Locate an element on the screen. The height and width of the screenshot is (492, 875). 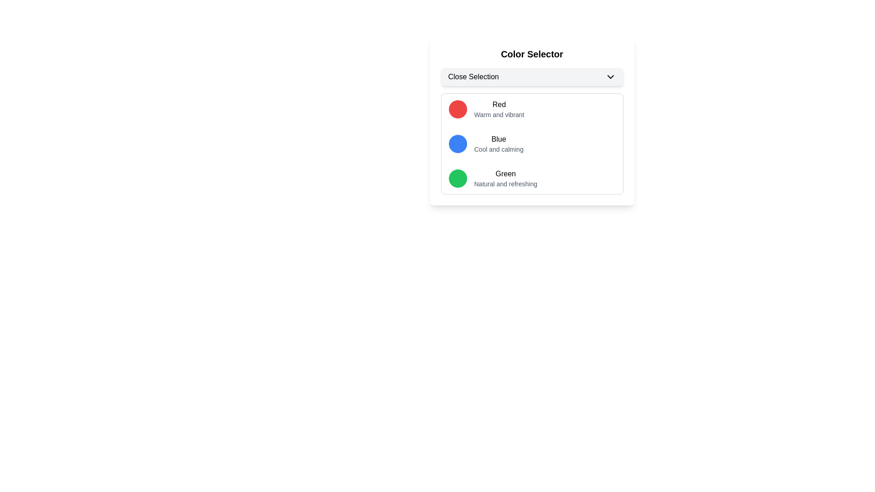
the small downward-pointing chevron icon rendered in black, located at the right end of the Close Selection button within the Color Selector section is located at coordinates (610, 77).